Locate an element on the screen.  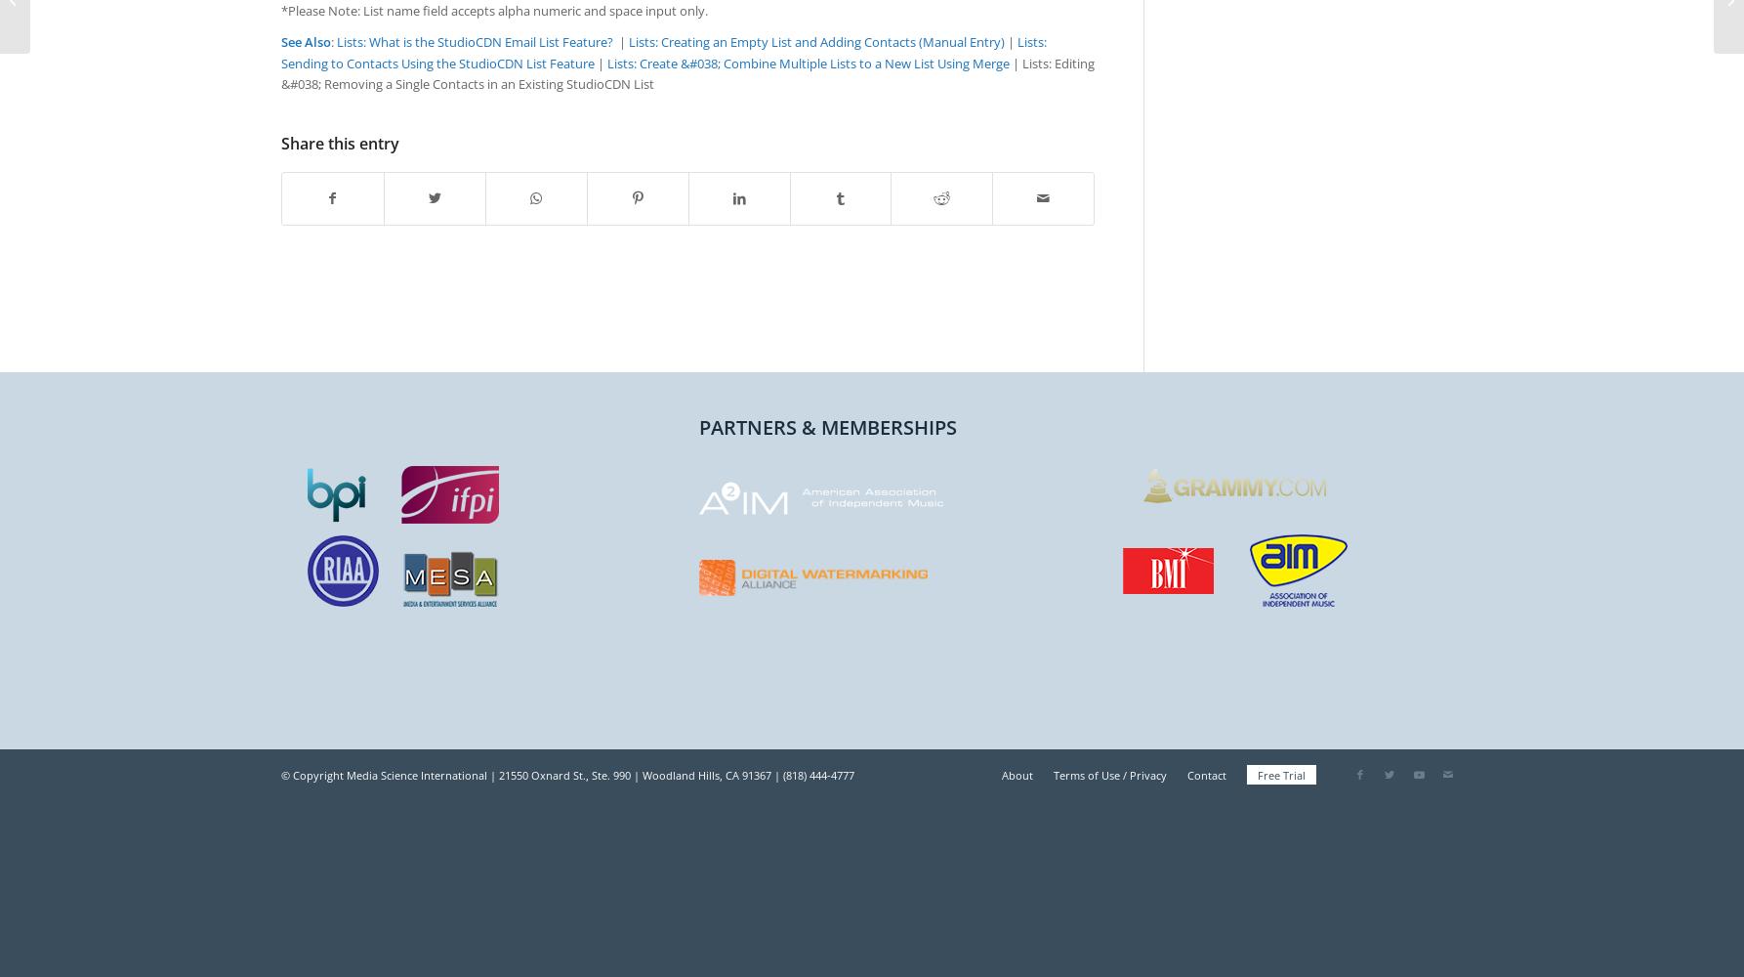
'See Also' is located at coordinates (306, 42).